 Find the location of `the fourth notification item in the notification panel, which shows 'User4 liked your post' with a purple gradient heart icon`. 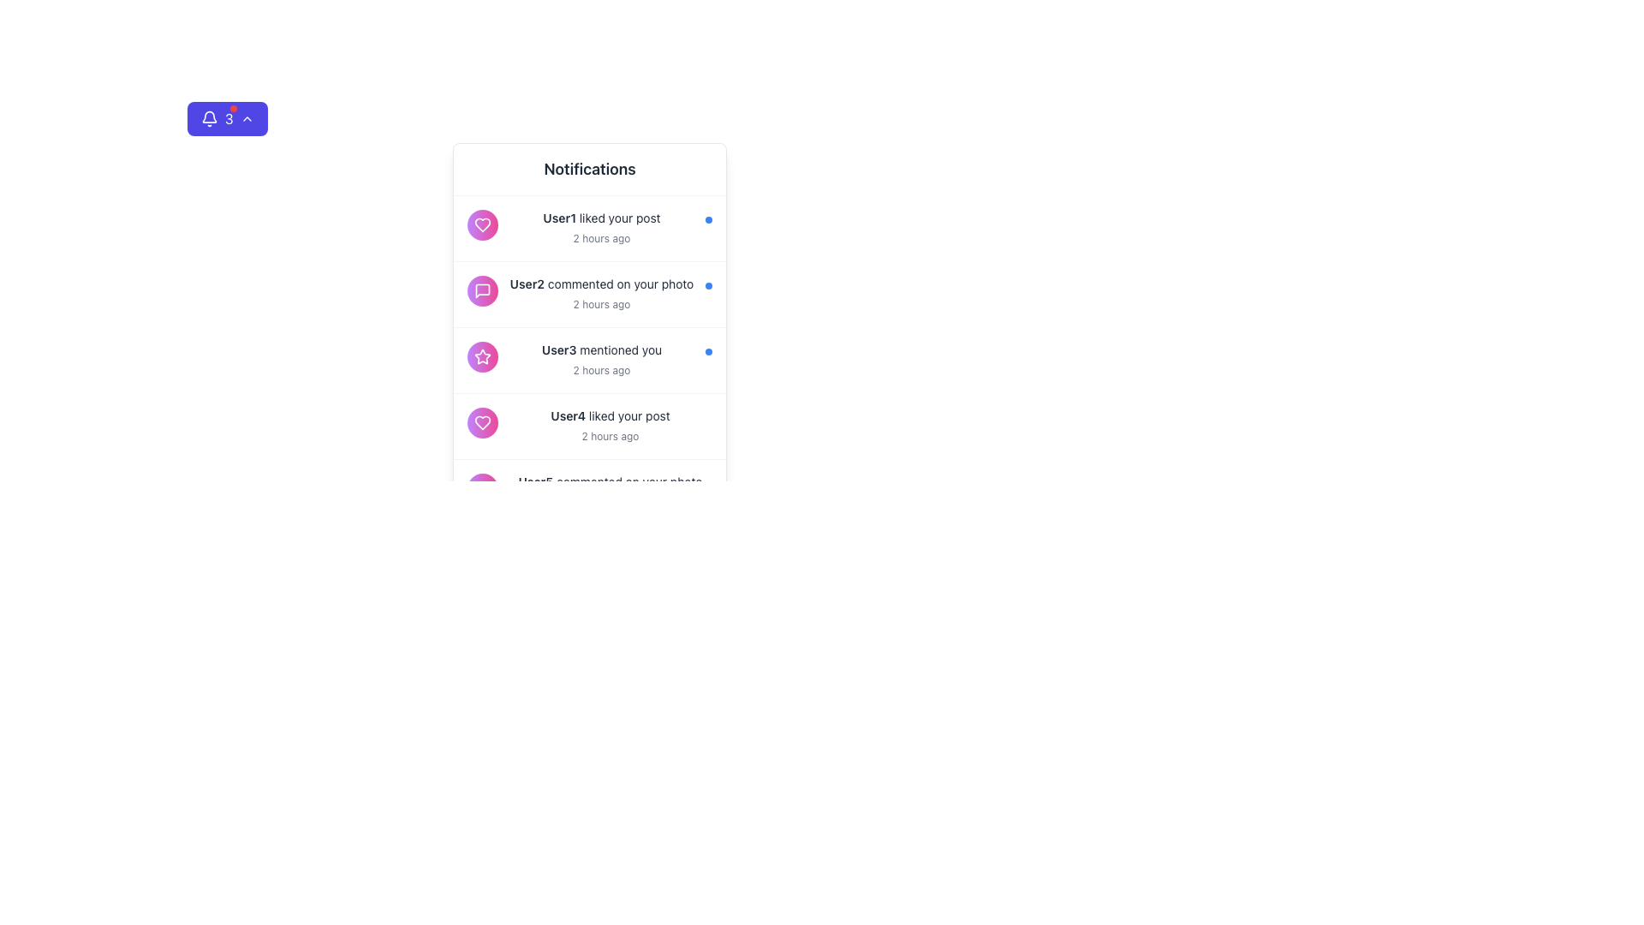

the fourth notification item in the notification panel, which shows 'User4 liked your post' with a purple gradient heart icon is located at coordinates (590, 425).